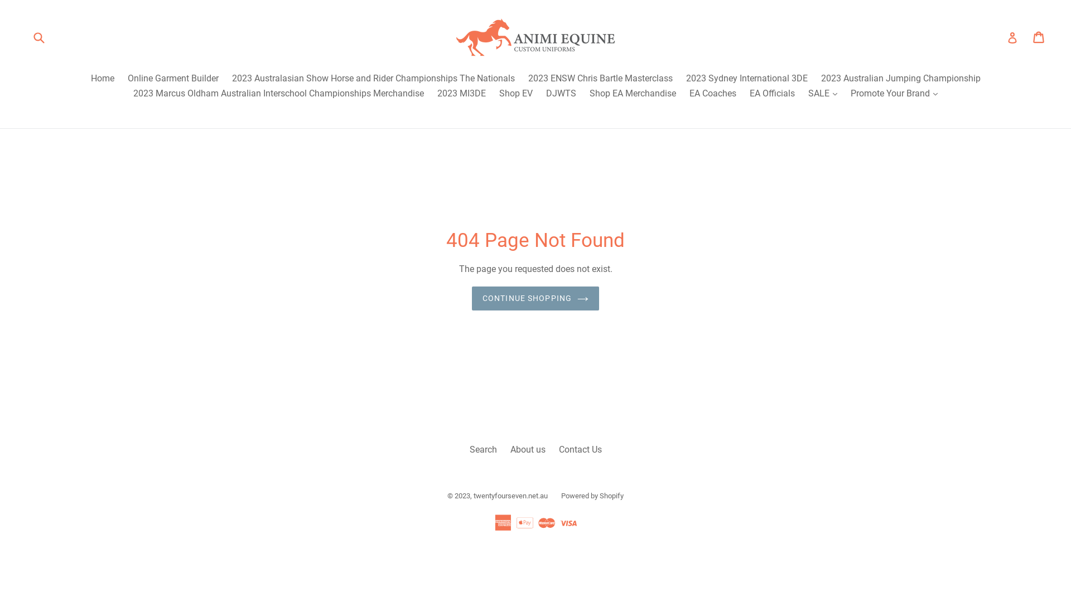 Image resolution: width=1071 pixels, height=602 pixels. Describe the element at coordinates (461, 94) in the screenshot. I see `'2023 MI3DE'` at that location.